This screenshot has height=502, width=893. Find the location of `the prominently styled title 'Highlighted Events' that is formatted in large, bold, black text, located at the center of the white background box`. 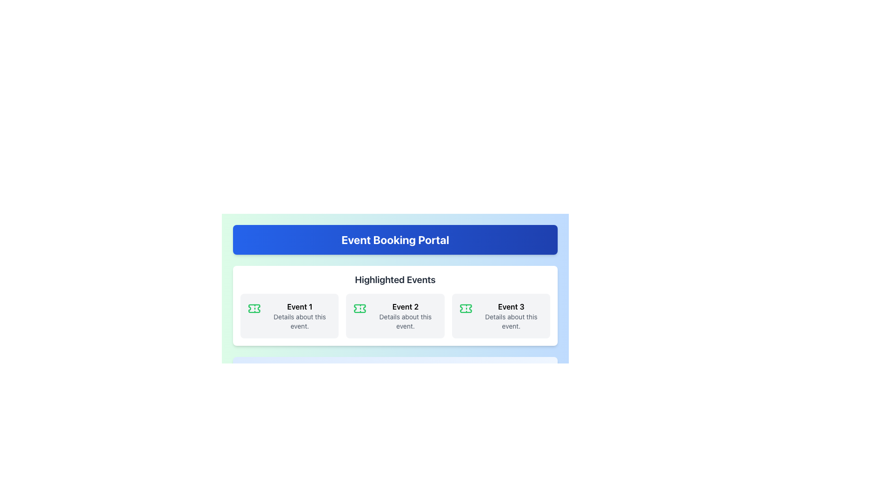

the prominently styled title 'Highlighted Events' that is formatted in large, bold, black text, located at the center of the white background box is located at coordinates (395, 283).